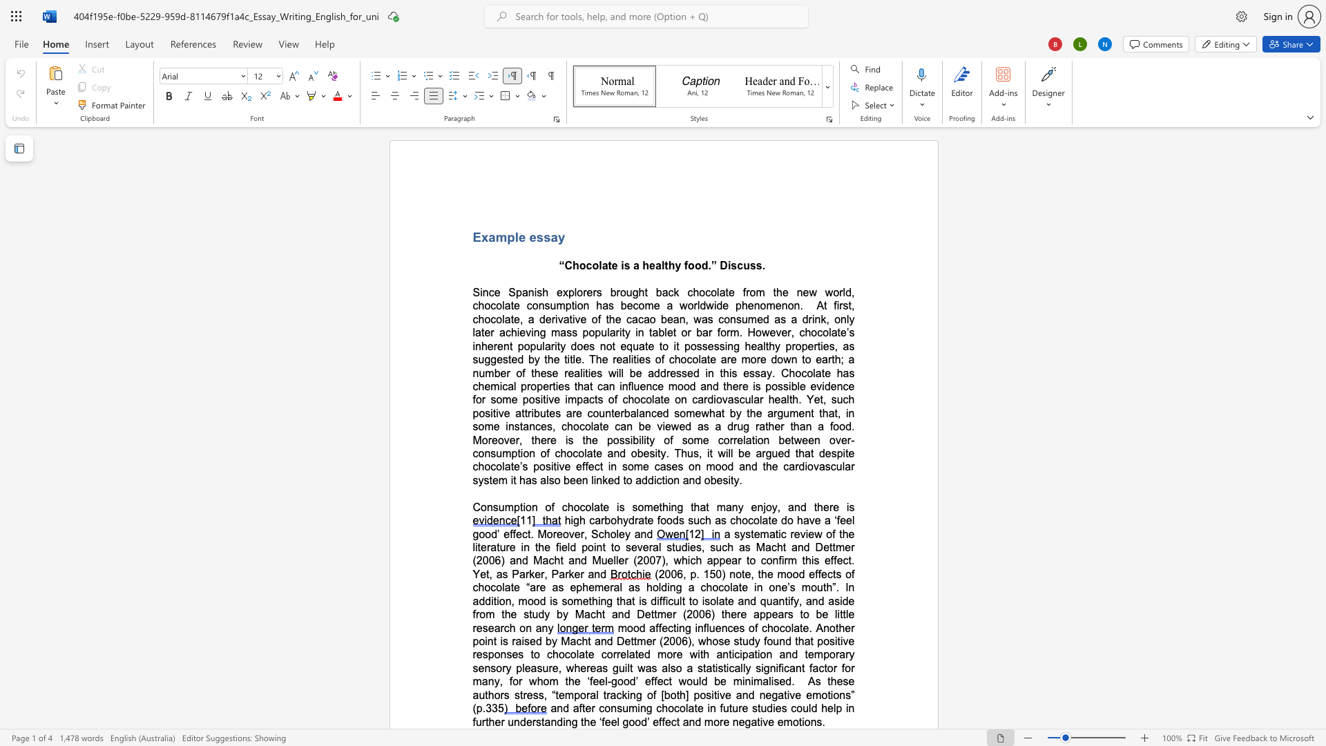 Image resolution: width=1326 pixels, height=746 pixels. What do you see at coordinates (532, 236) in the screenshot?
I see `the 2th character "e" in the text` at bounding box center [532, 236].